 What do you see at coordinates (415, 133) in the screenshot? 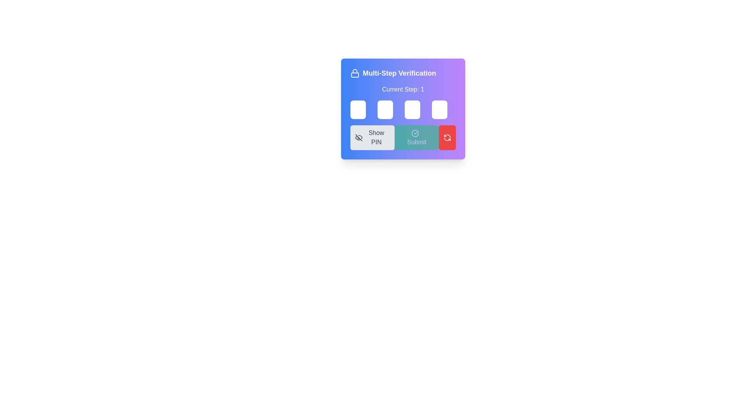
I see `the circular checkmark icon located within the green 'Submit' button in the multi-step verification panel, if enabled` at bounding box center [415, 133].